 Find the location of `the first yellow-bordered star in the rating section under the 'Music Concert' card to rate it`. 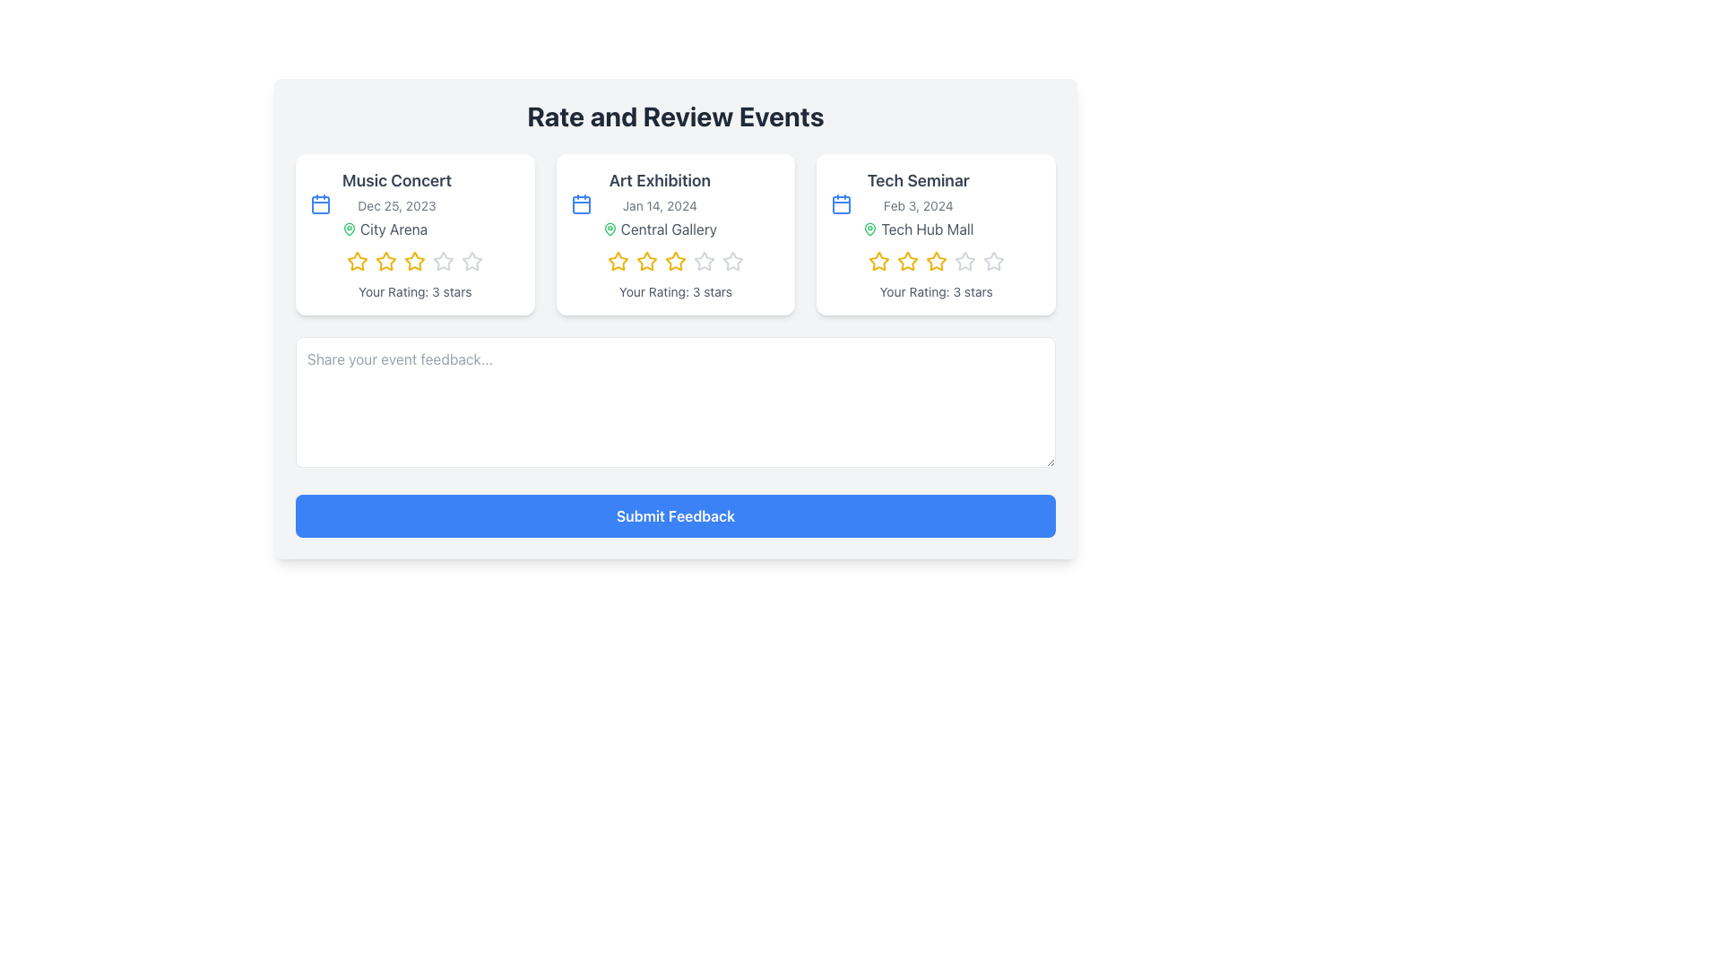

the first yellow-bordered star in the rating section under the 'Music Concert' card to rate it is located at coordinates (358, 261).